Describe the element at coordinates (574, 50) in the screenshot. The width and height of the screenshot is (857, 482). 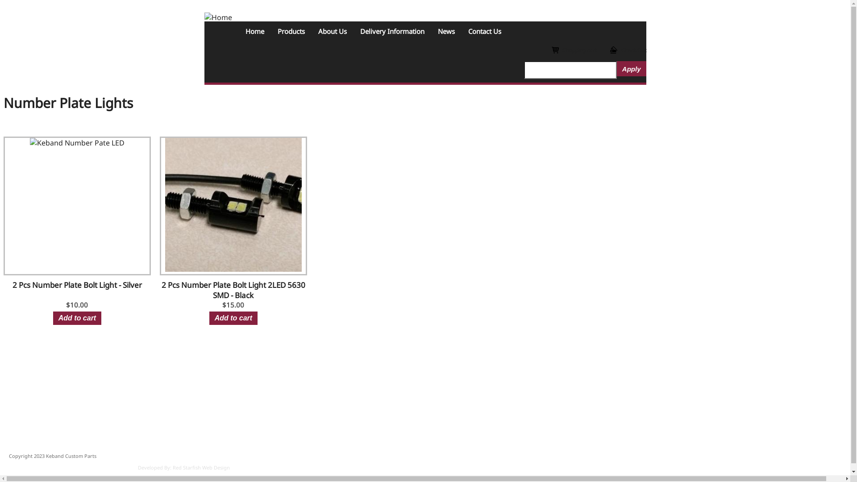
I see `'Shopping cart'` at that location.